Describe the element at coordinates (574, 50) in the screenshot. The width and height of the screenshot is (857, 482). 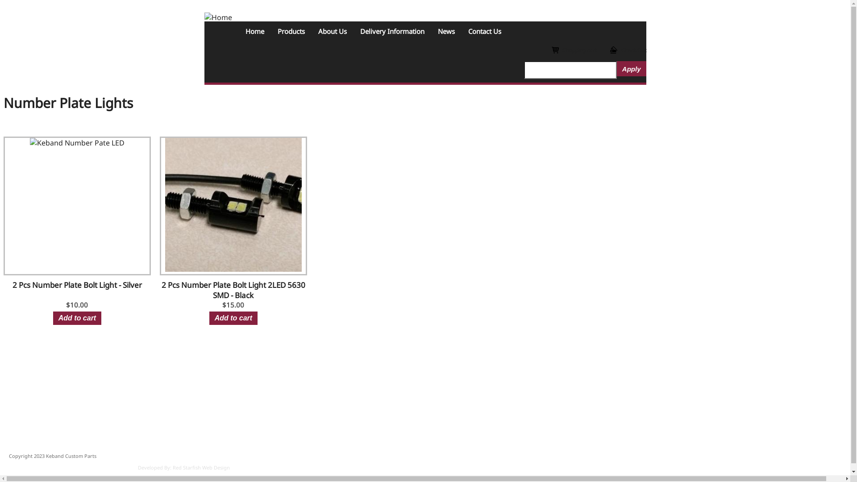
I see `'Shopping cart'` at that location.